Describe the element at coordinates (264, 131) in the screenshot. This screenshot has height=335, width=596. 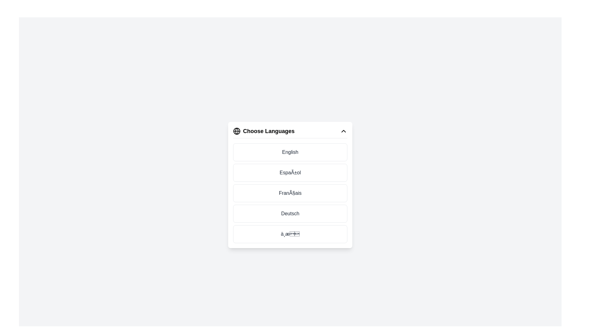
I see `the bold text label 'Choose Languages' with the globe icon adjacent to it, located at the top-left section of the dropdown menu list` at that location.